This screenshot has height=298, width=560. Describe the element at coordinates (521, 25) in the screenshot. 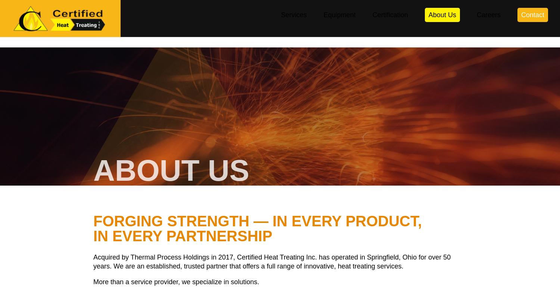

I see `'Contact'` at that location.